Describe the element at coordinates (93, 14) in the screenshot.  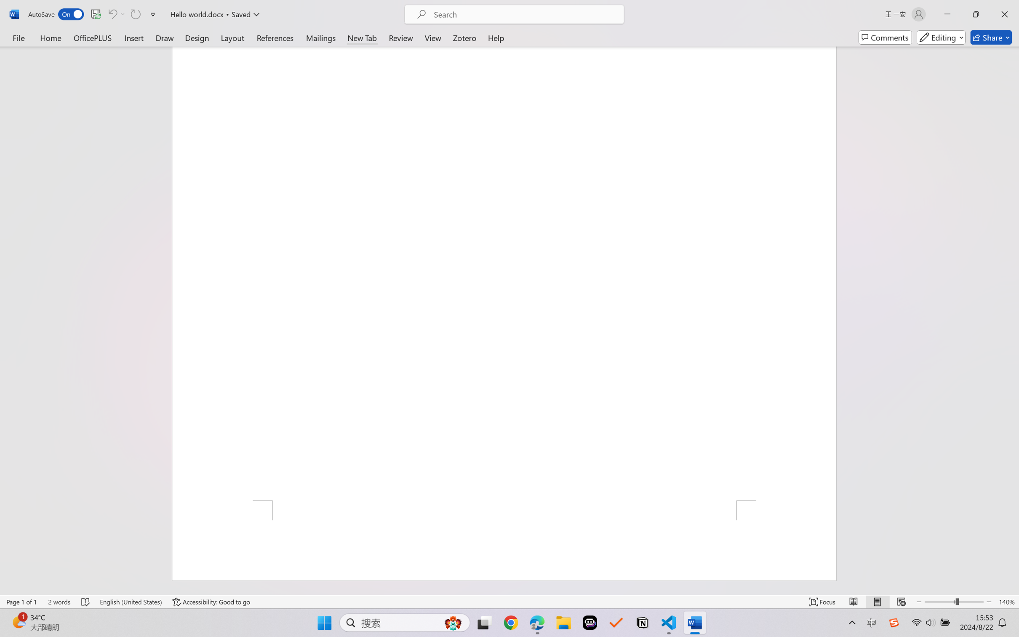
I see `'Quick Access Toolbar'` at that location.